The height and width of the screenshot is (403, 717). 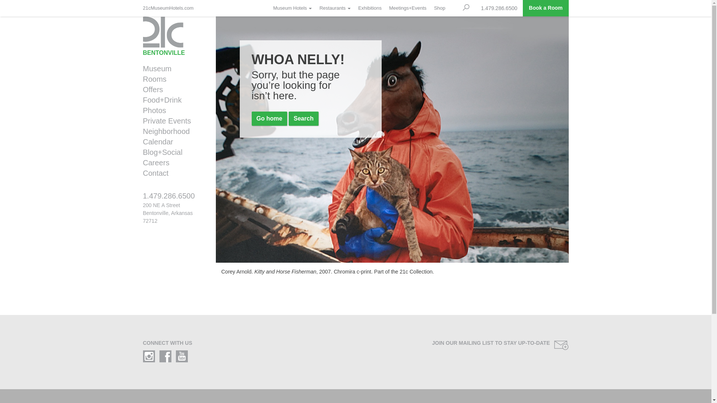 I want to click on 'Offers', so click(x=171, y=89).